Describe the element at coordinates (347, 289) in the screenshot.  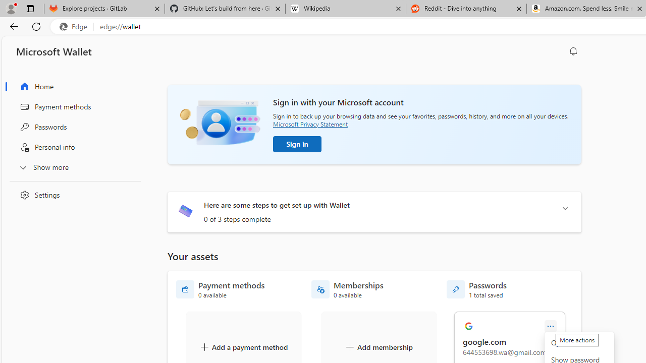
I see `'Memberships - 0 available'` at that location.